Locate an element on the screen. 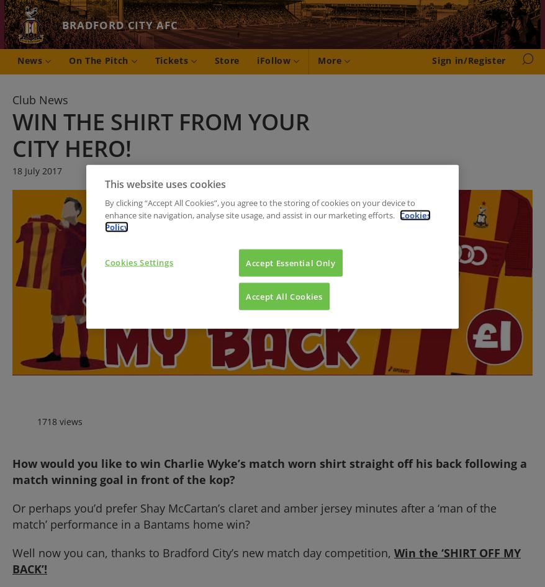  'Well now you can, thanks to Bradford City’s new match day competition,' is located at coordinates (12, 552).